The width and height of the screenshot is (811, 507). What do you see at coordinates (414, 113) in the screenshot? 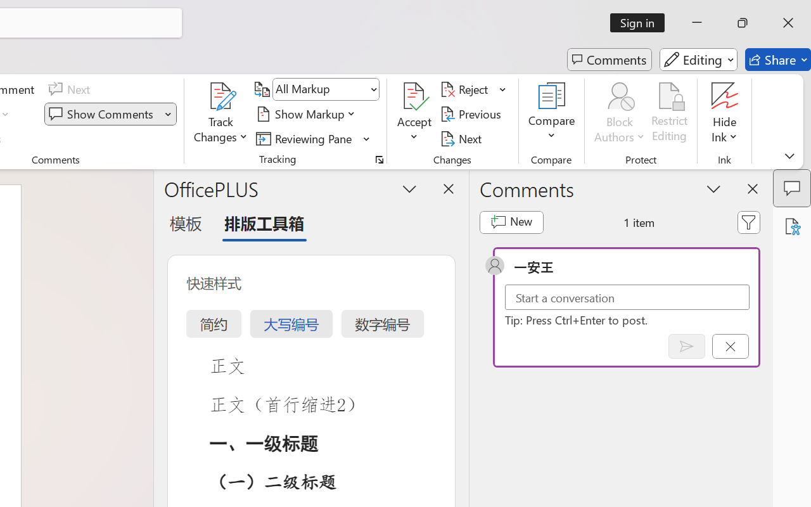
I see `'Accept'` at bounding box center [414, 113].